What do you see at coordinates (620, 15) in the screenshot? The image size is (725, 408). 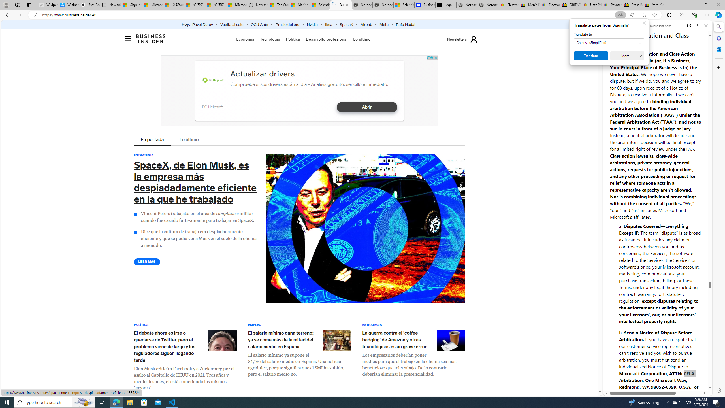 I see `'Show translate options'` at bounding box center [620, 15].